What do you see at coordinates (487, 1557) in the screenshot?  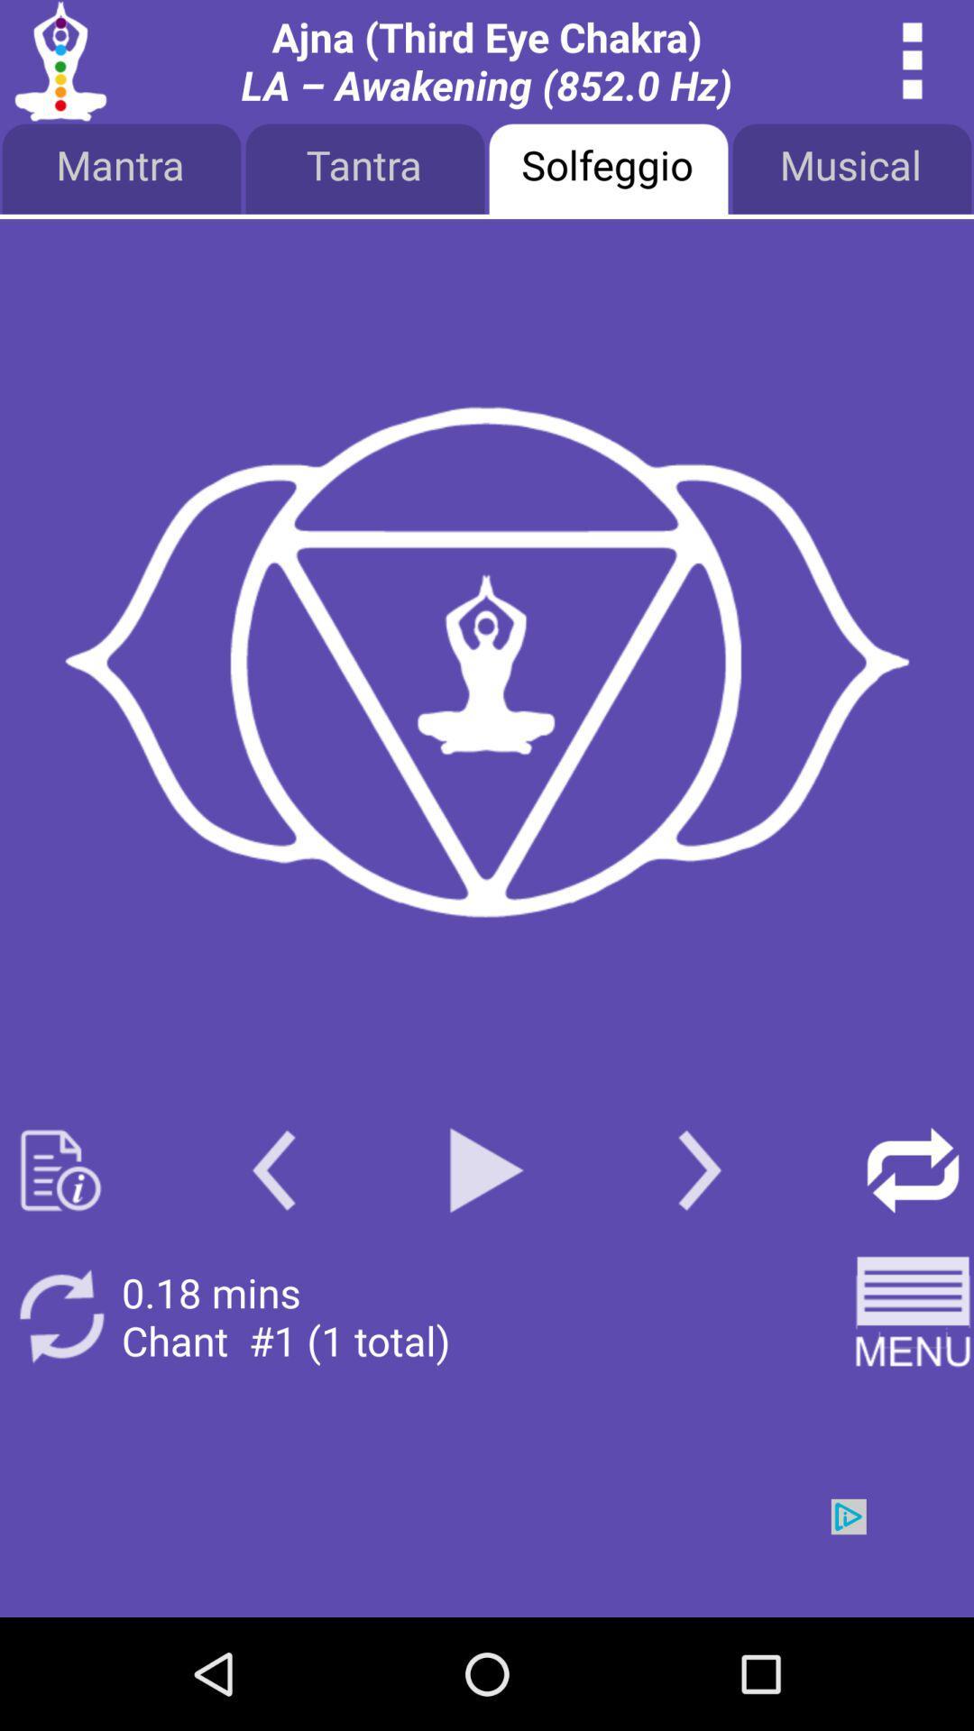 I see `advertisement` at bounding box center [487, 1557].